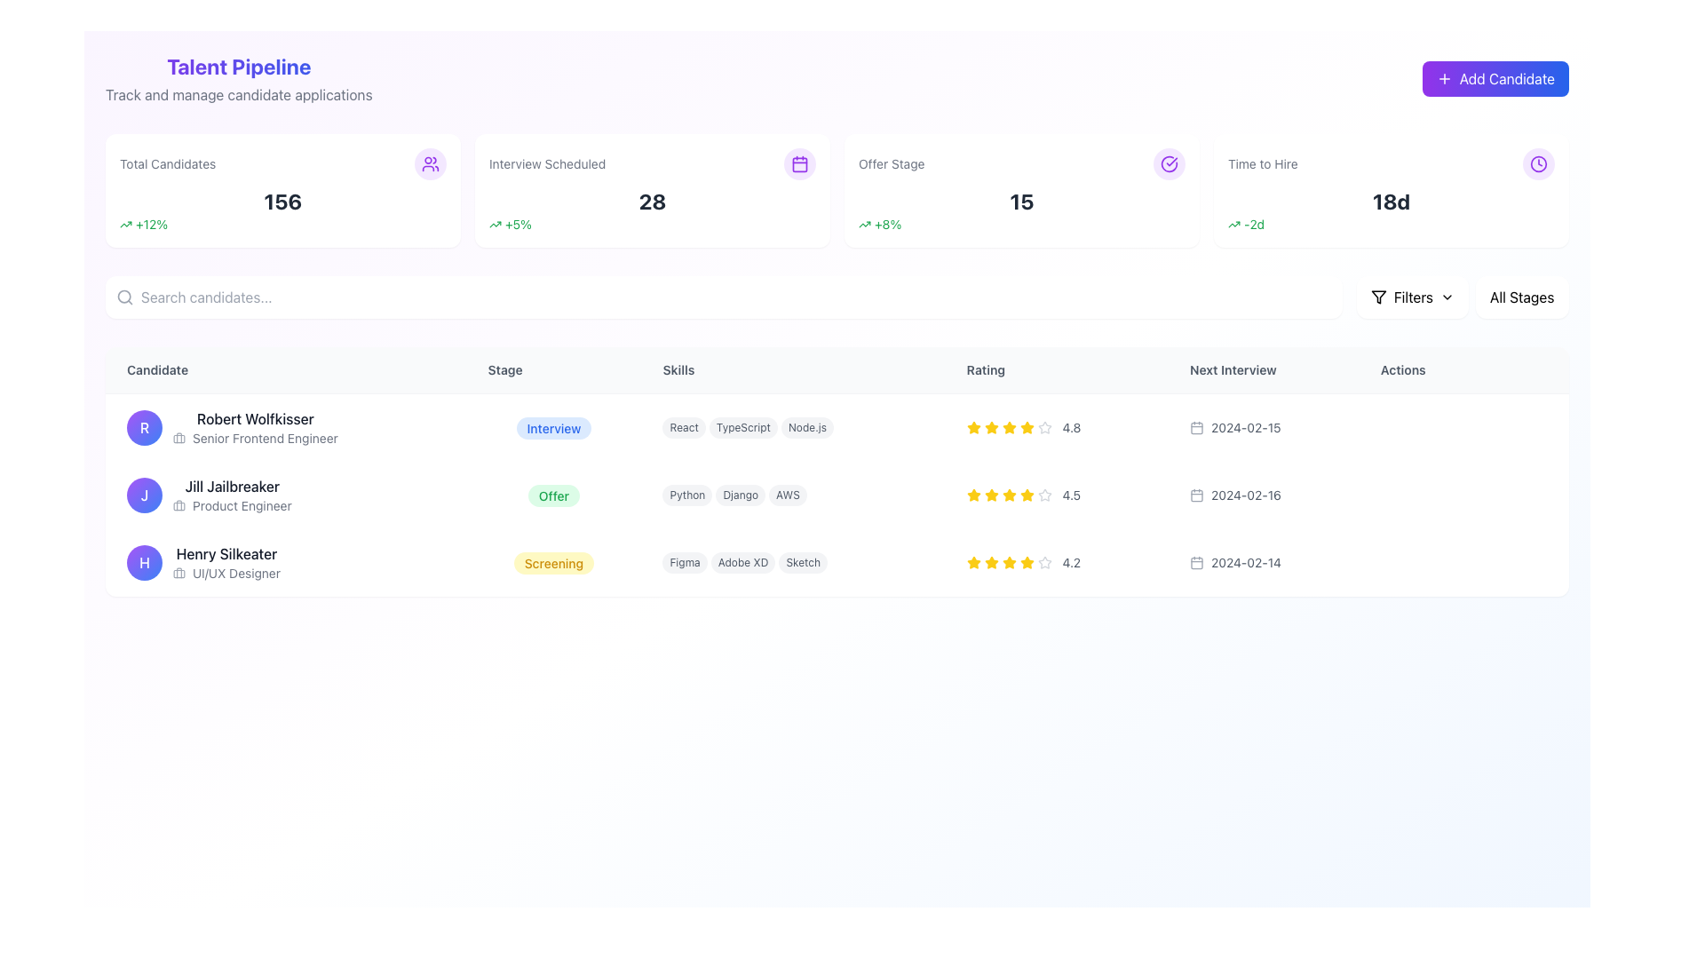 The width and height of the screenshot is (1705, 959). Describe the element at coordinates (430, 164) in the screenshot. I see `the icon representing users in the 'Total Candidates' section, located to the right of the count '156'` at that location.